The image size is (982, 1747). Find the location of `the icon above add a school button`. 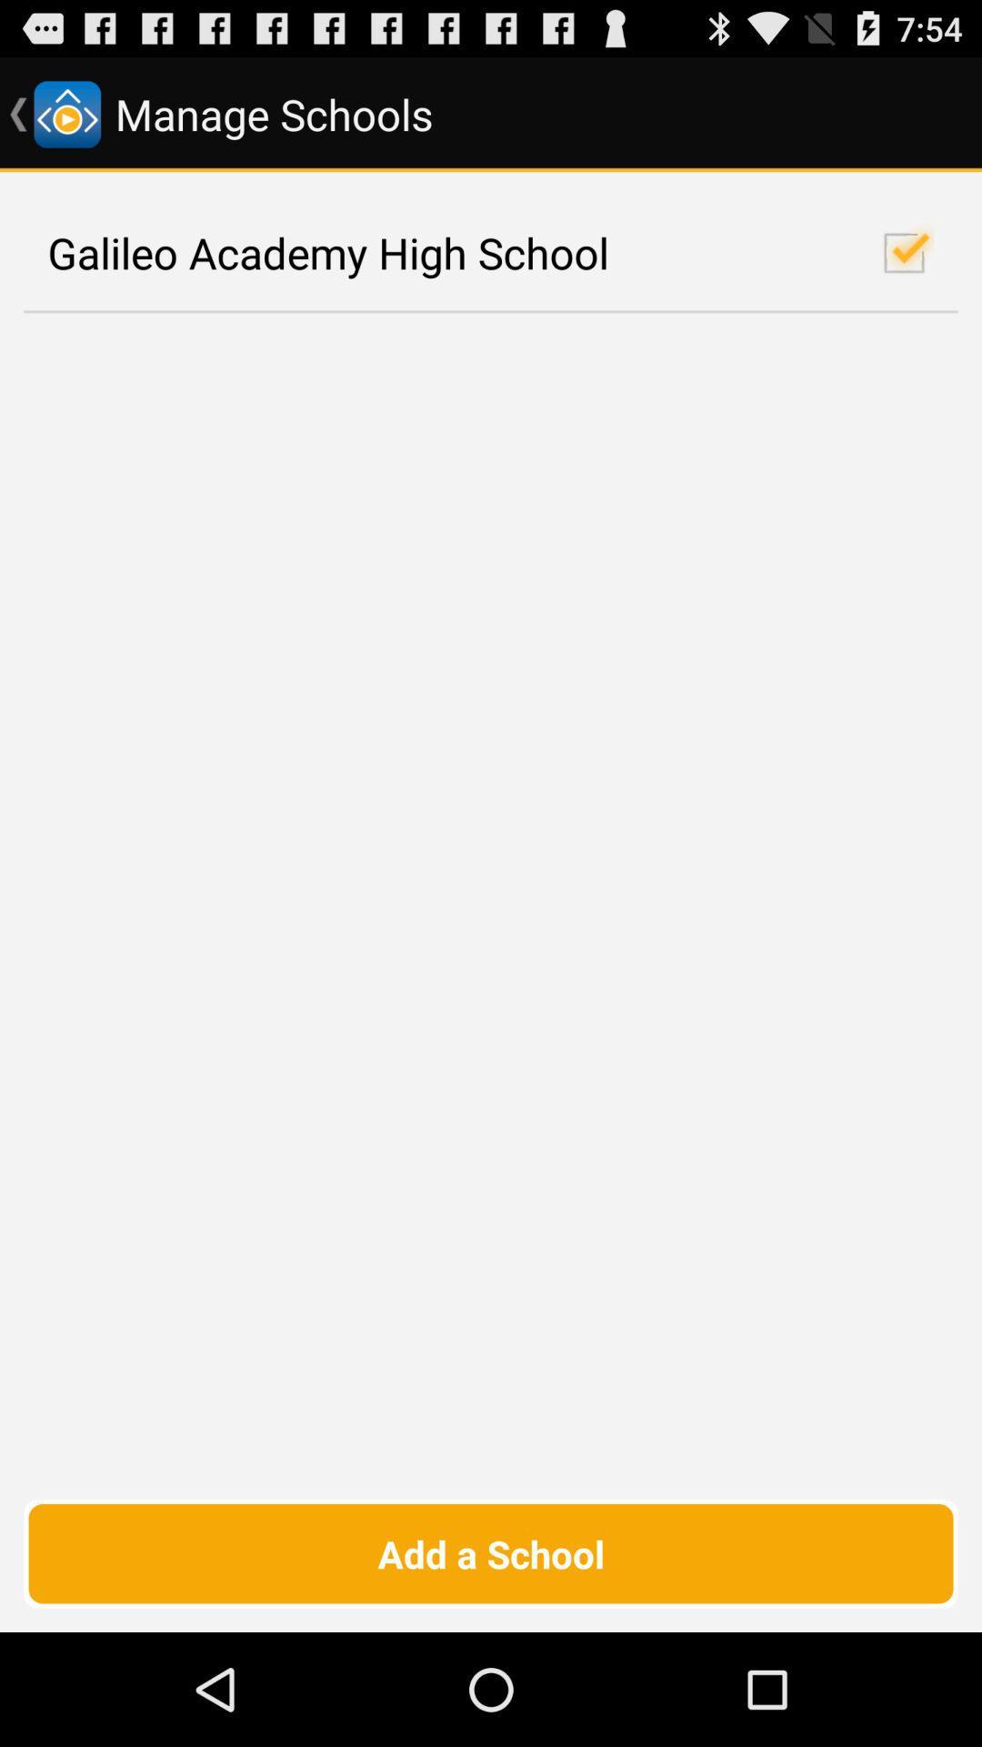

the icon above add a school button is located at coordinates (491, 252).